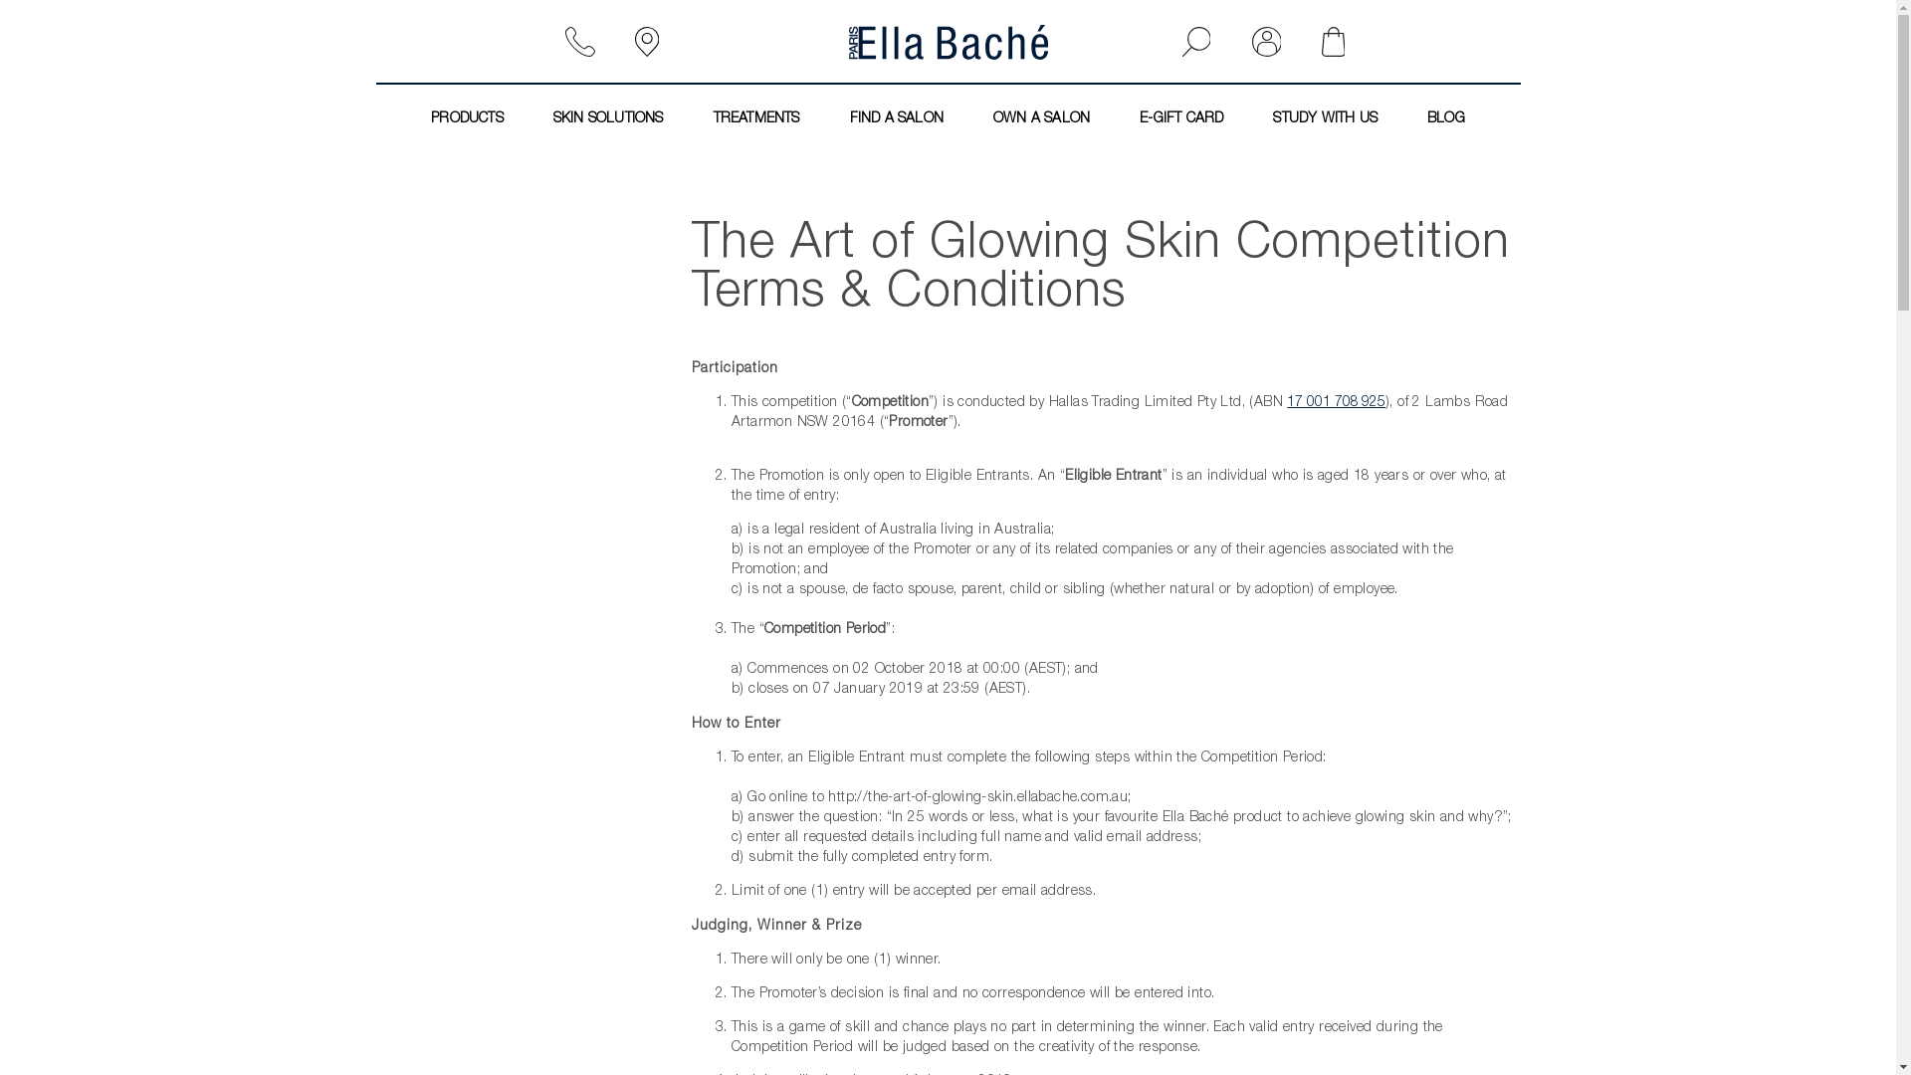  Describe the element at coordinates (586, 42) in the screenshot. I see `'1300 845 259'` at that location.